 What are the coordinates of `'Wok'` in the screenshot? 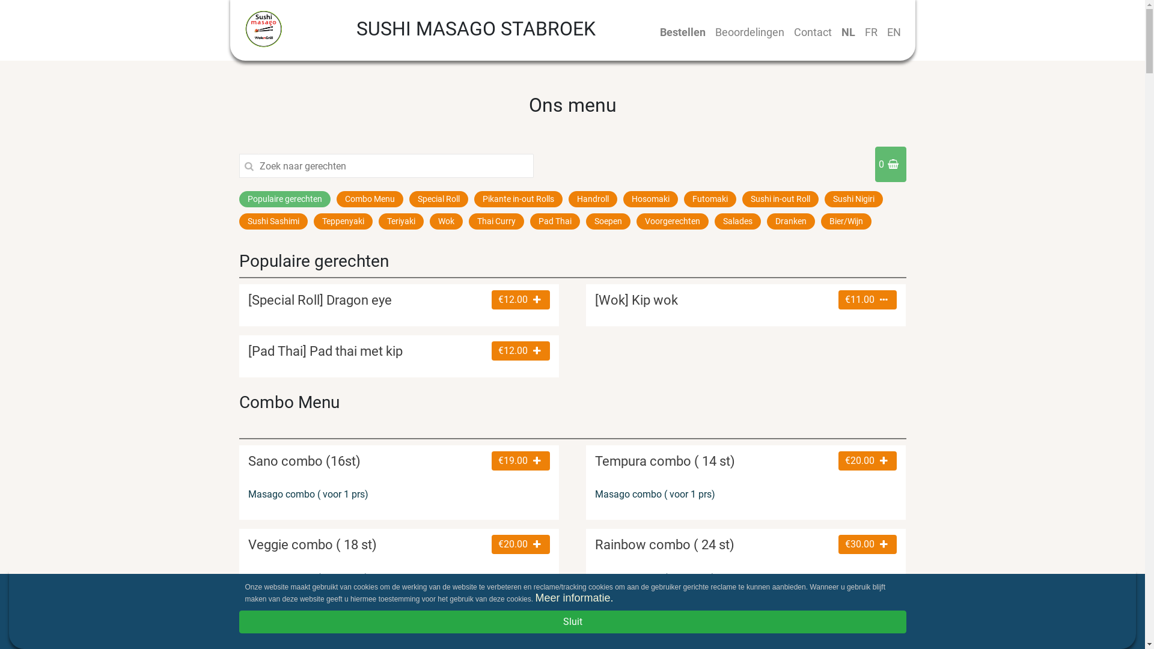 It's located at (445, 221).